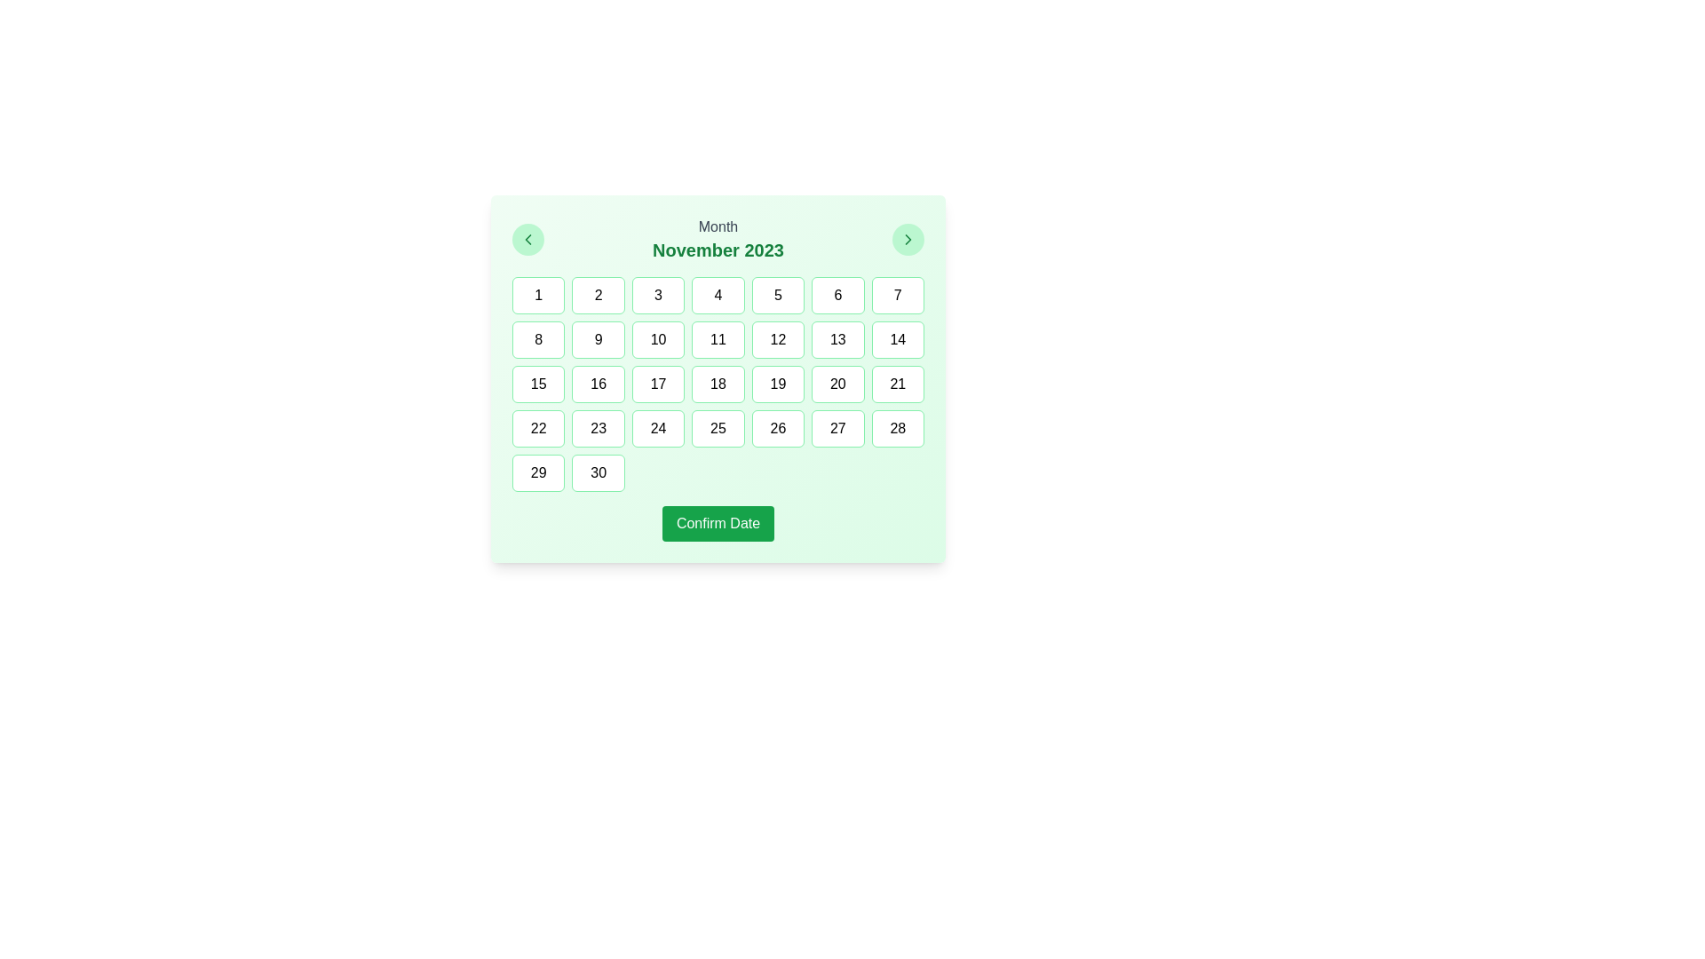  What do you see at coordinates (599, 294) in the screenshot?
I see `the interactive button for selecting day '2' in the November 2023 calendar grid layout` at bounding box center [599, 294].